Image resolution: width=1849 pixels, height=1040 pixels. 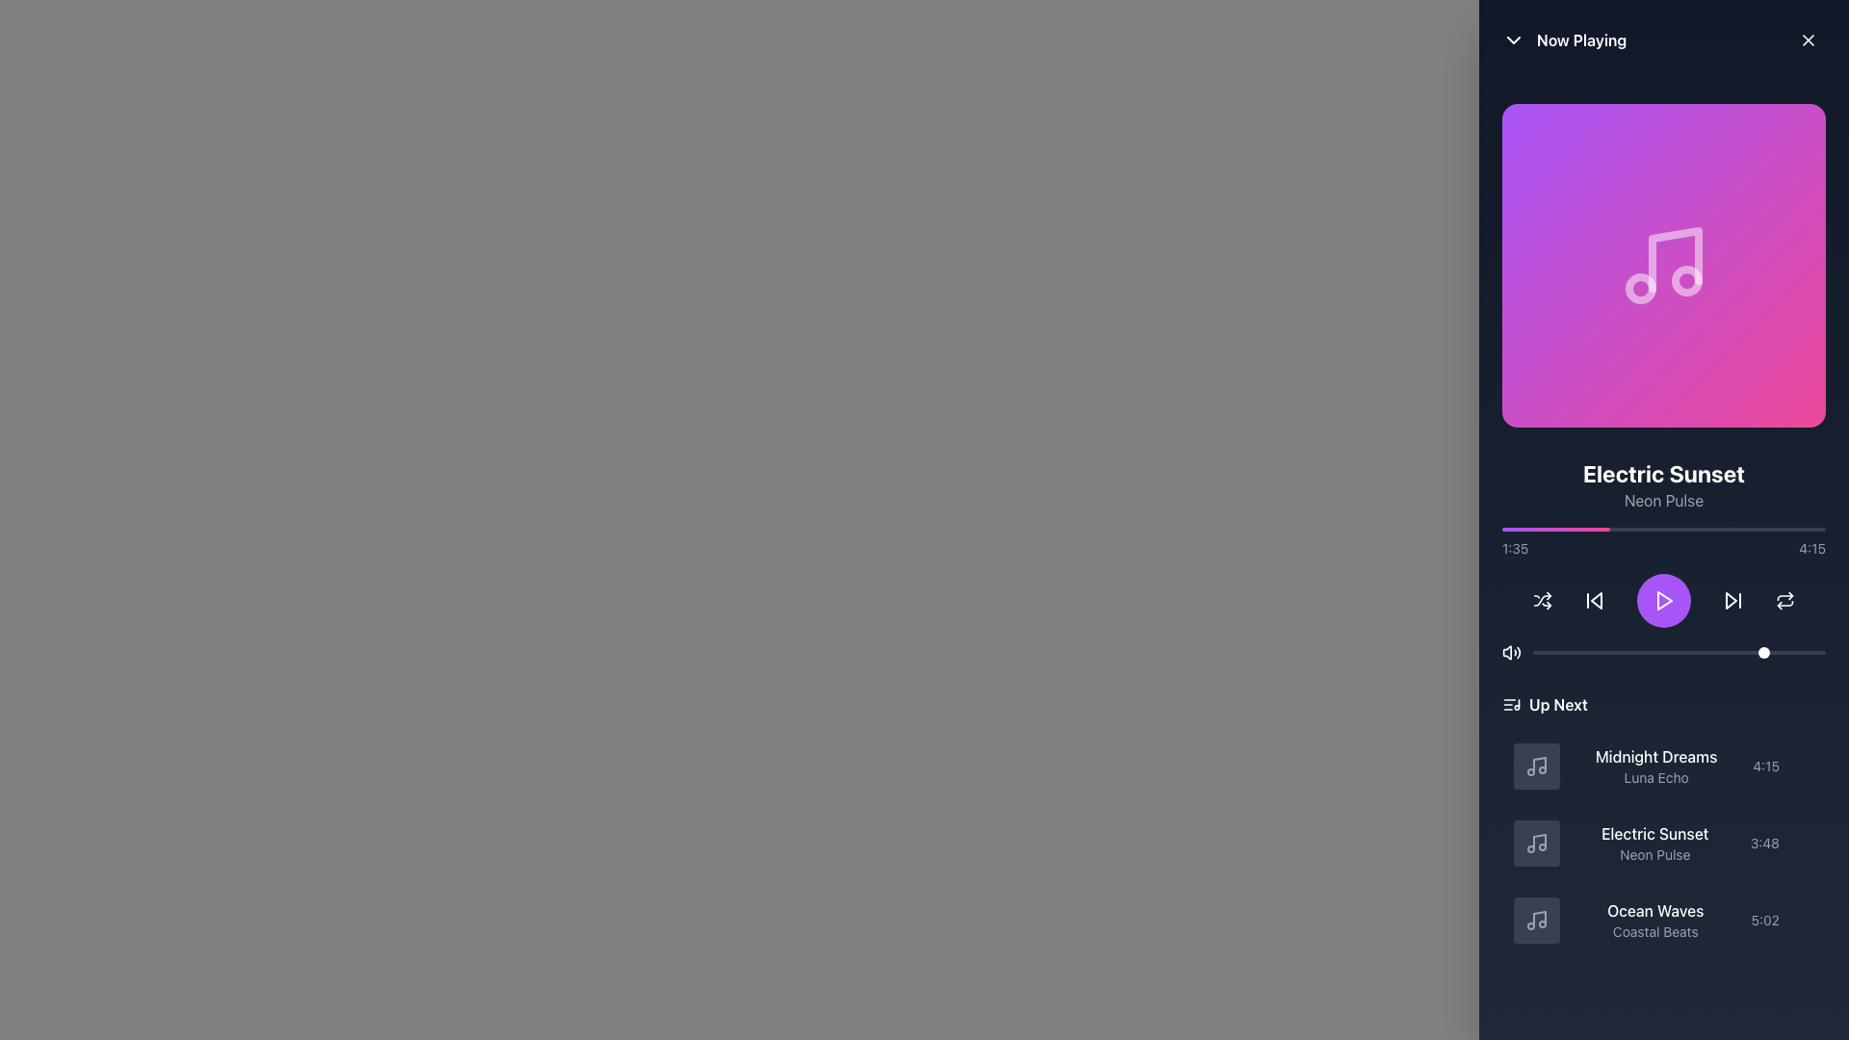 What do you see at coordinates (1765, 920) in the screenshot?
I see `the text label displaying '5:02' located on the far-right side of the row for the track 'Ocean Waves' in the 'Up Next' list` at bounding box center [1765, 920].